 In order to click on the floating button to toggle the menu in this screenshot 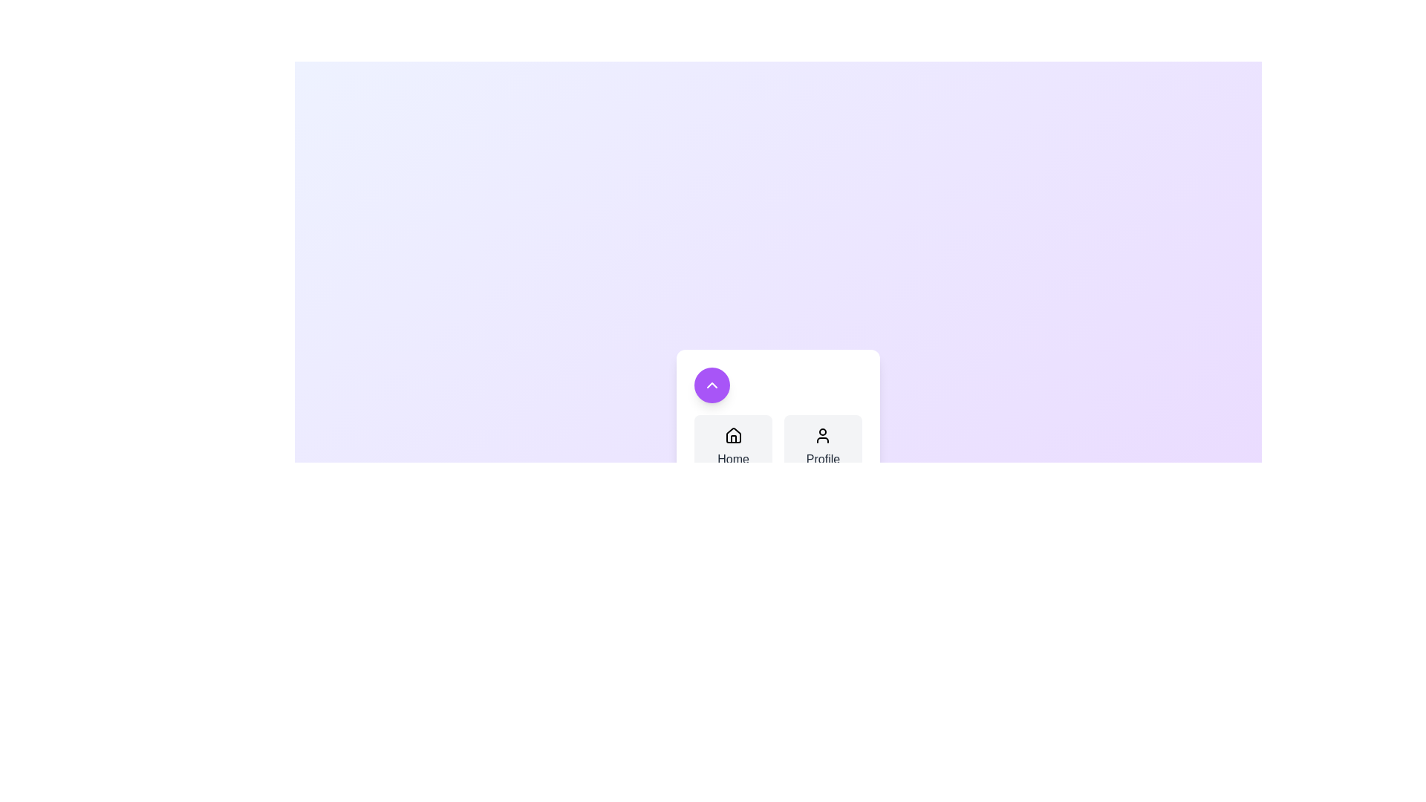, I will do `click(712, 385)`.